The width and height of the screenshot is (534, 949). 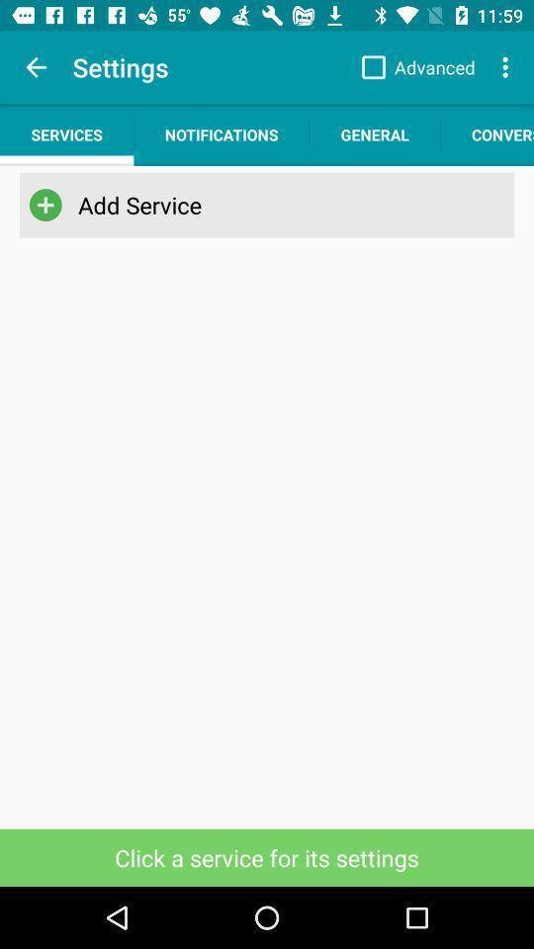 What do you see at coordinates (263, 205) in the screenshot?
I see `icon below the services` at bounding box center [263, 205].